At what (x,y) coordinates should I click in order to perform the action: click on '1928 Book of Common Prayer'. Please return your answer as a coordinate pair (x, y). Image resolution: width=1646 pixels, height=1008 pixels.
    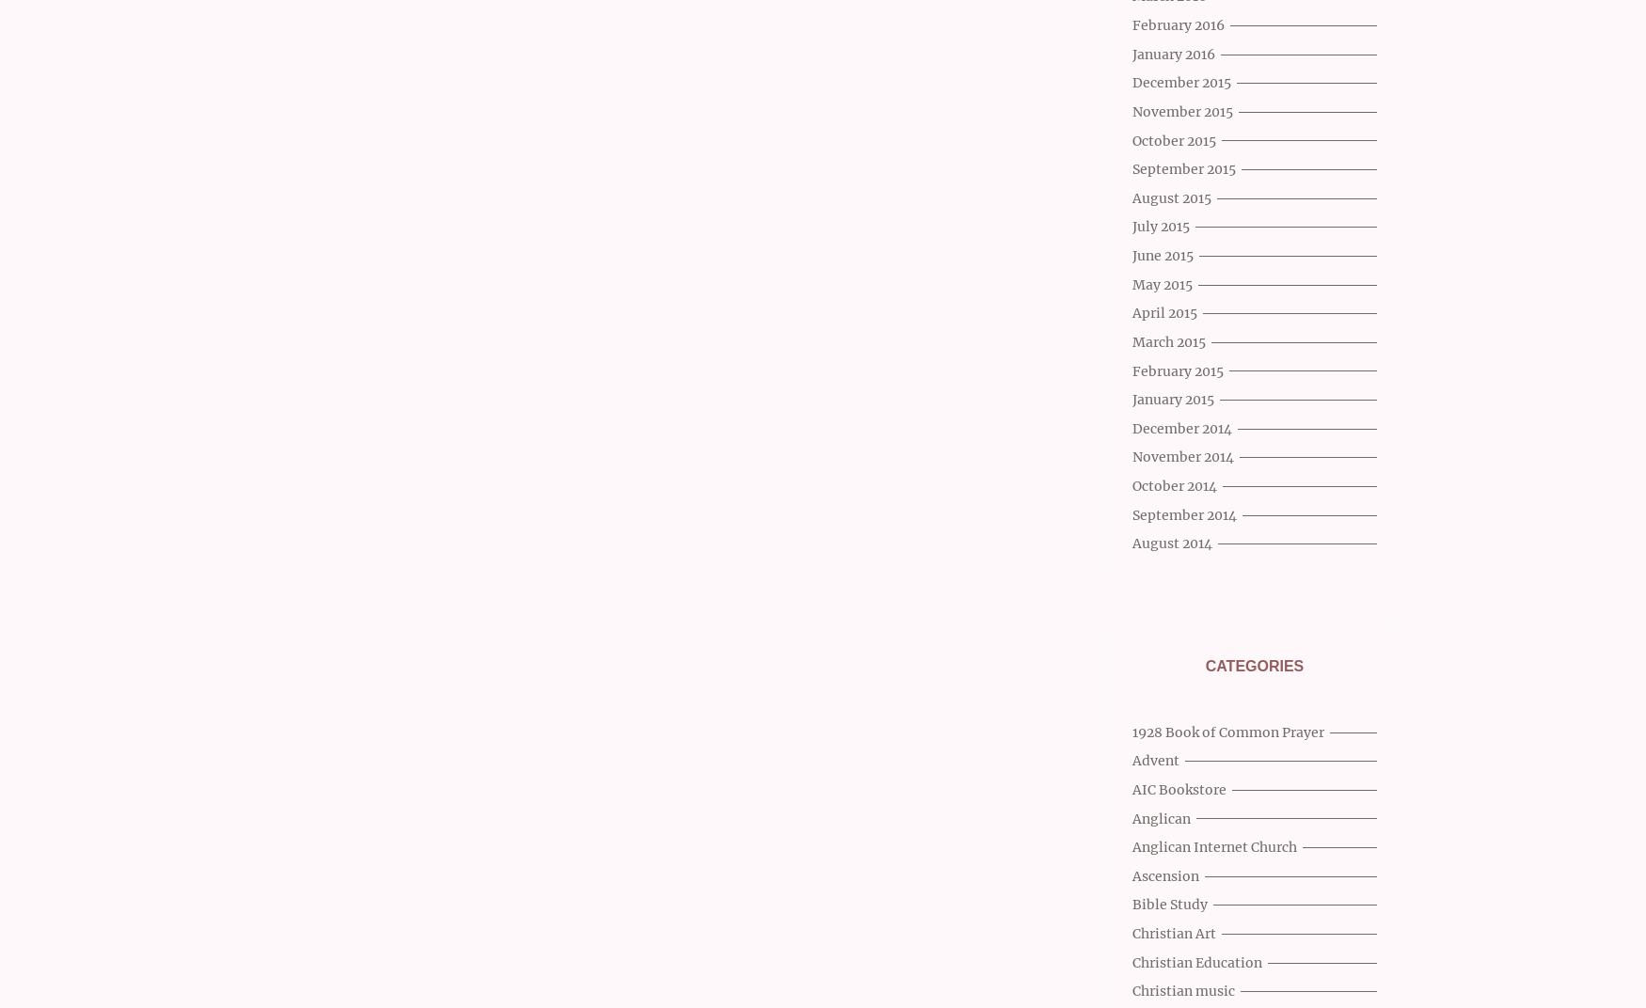
    Looking at the image, I should click on (1227, 731).